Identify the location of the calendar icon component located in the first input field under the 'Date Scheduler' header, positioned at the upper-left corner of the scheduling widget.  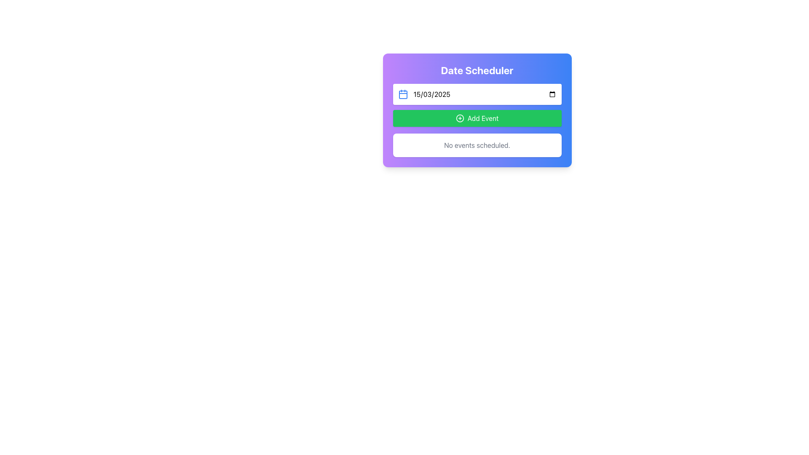
(402, 94).